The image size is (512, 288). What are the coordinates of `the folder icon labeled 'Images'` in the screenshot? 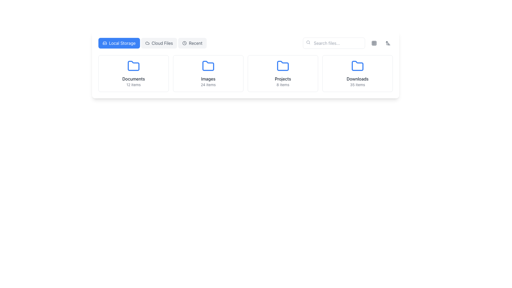 It's located at (208, 65).